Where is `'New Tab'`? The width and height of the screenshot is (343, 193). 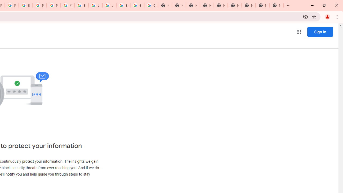
'New Tab' is located at coordinates (277, 5).